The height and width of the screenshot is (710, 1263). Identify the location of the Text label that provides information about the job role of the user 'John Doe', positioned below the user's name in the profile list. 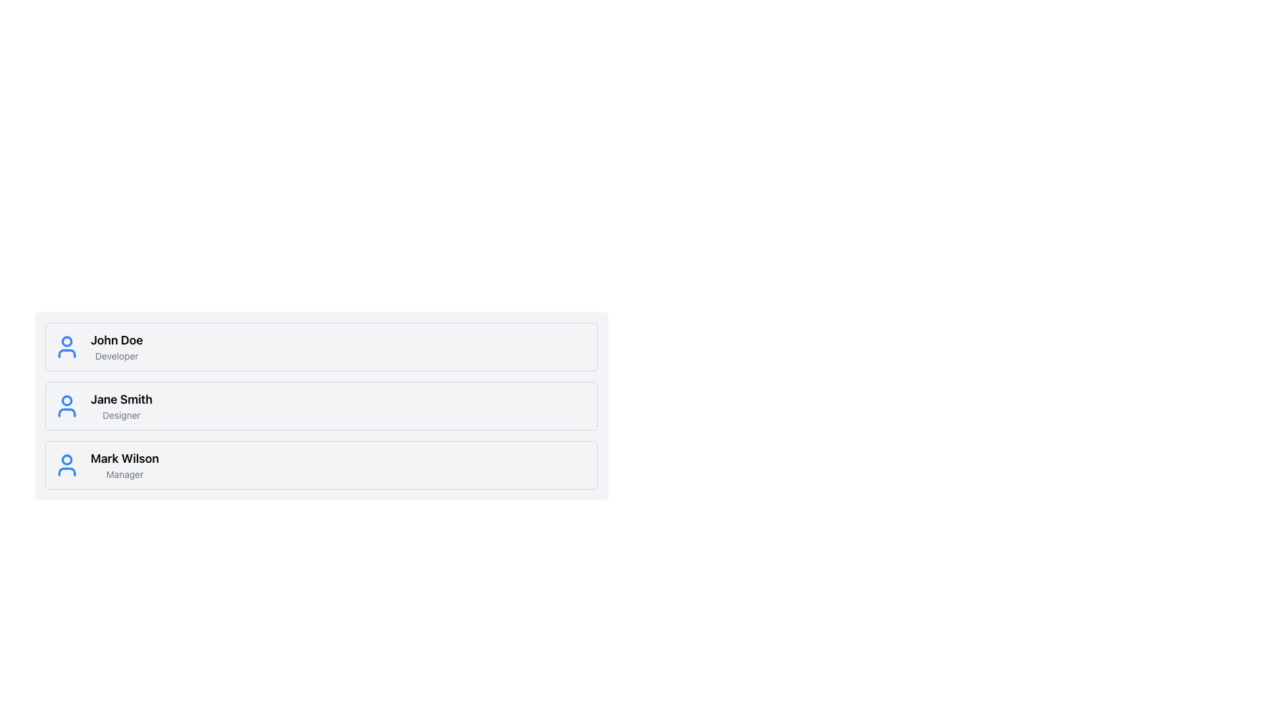
(116, 356).